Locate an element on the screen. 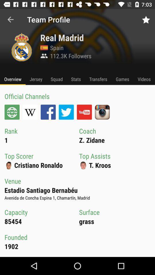 This screenshot has width=155, height=275. the icon represented to goto facebook application is located at coordinates (48, 112).